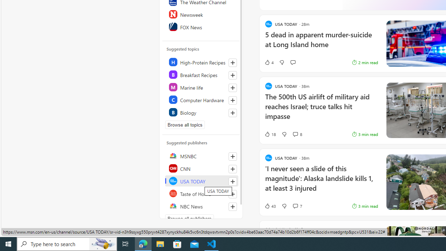 This screenshot has height=251, width=446. I want to click on 'Browse all topics', so click(185, 124).